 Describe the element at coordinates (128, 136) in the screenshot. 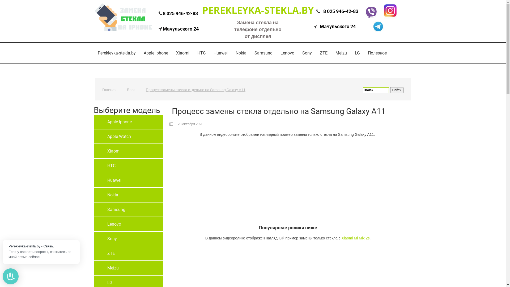

I see `'Apple Watch'` at that location.